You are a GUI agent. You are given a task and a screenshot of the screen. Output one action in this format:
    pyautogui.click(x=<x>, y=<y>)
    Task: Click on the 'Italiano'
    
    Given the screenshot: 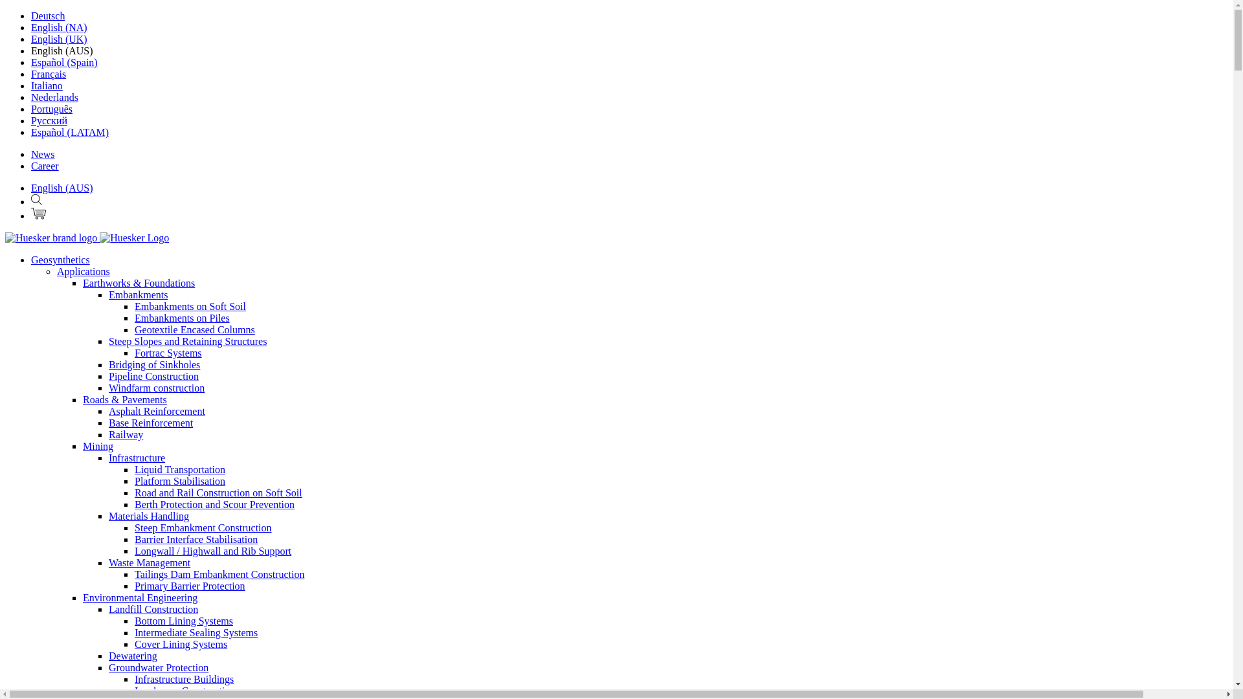 What is the action you would take?
    pyautogui.click(x=47, y=85)
    